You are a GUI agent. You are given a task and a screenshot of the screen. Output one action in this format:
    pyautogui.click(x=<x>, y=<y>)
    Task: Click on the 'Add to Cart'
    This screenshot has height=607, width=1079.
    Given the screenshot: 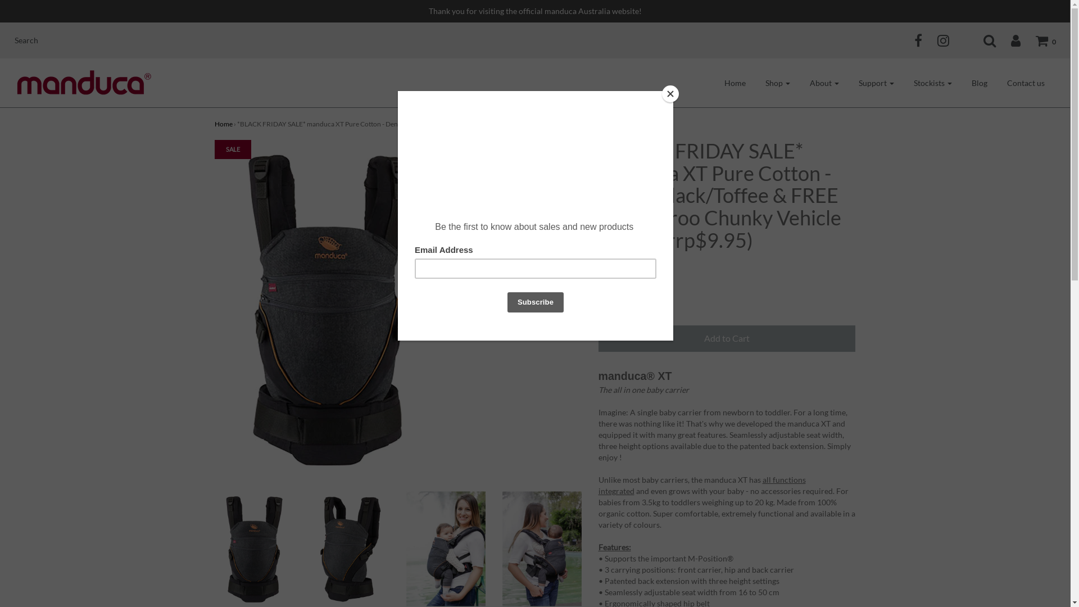 What is the action you would take?
    pyautogui.click(x=726, y=338)
    